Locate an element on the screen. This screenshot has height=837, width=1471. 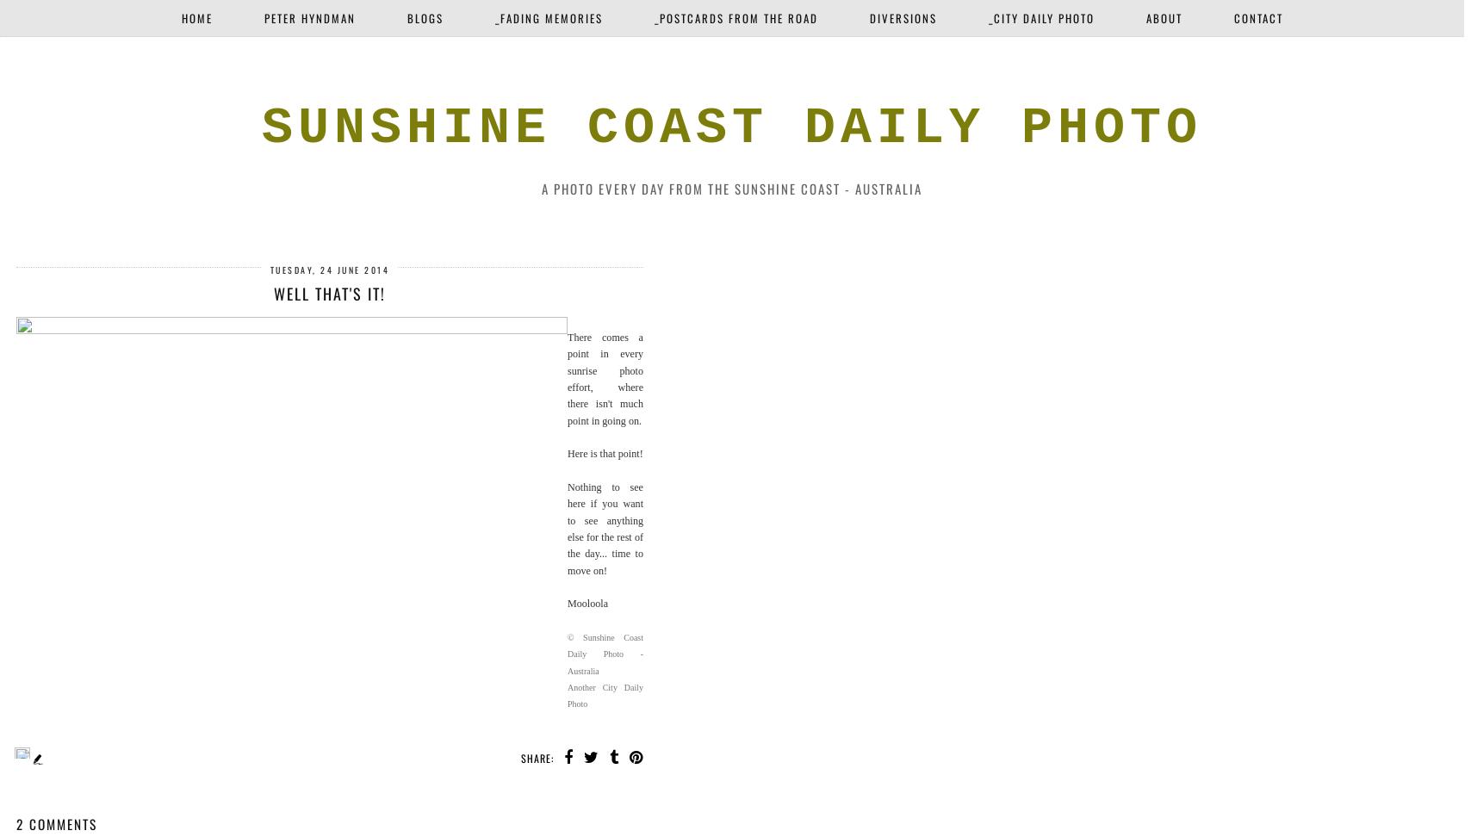
'Mooloola' is located at coordinates (587, 603).